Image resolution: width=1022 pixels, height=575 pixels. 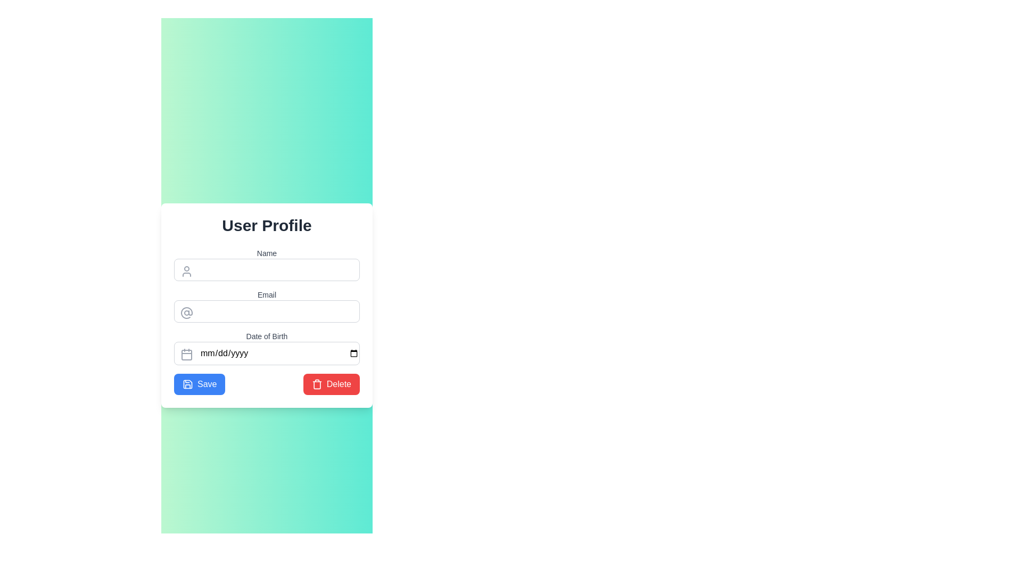 I want to click on the decorative icon positioned at the top-left corner of the 'Name' input field in the user profile form, so click(x=186, y=270).